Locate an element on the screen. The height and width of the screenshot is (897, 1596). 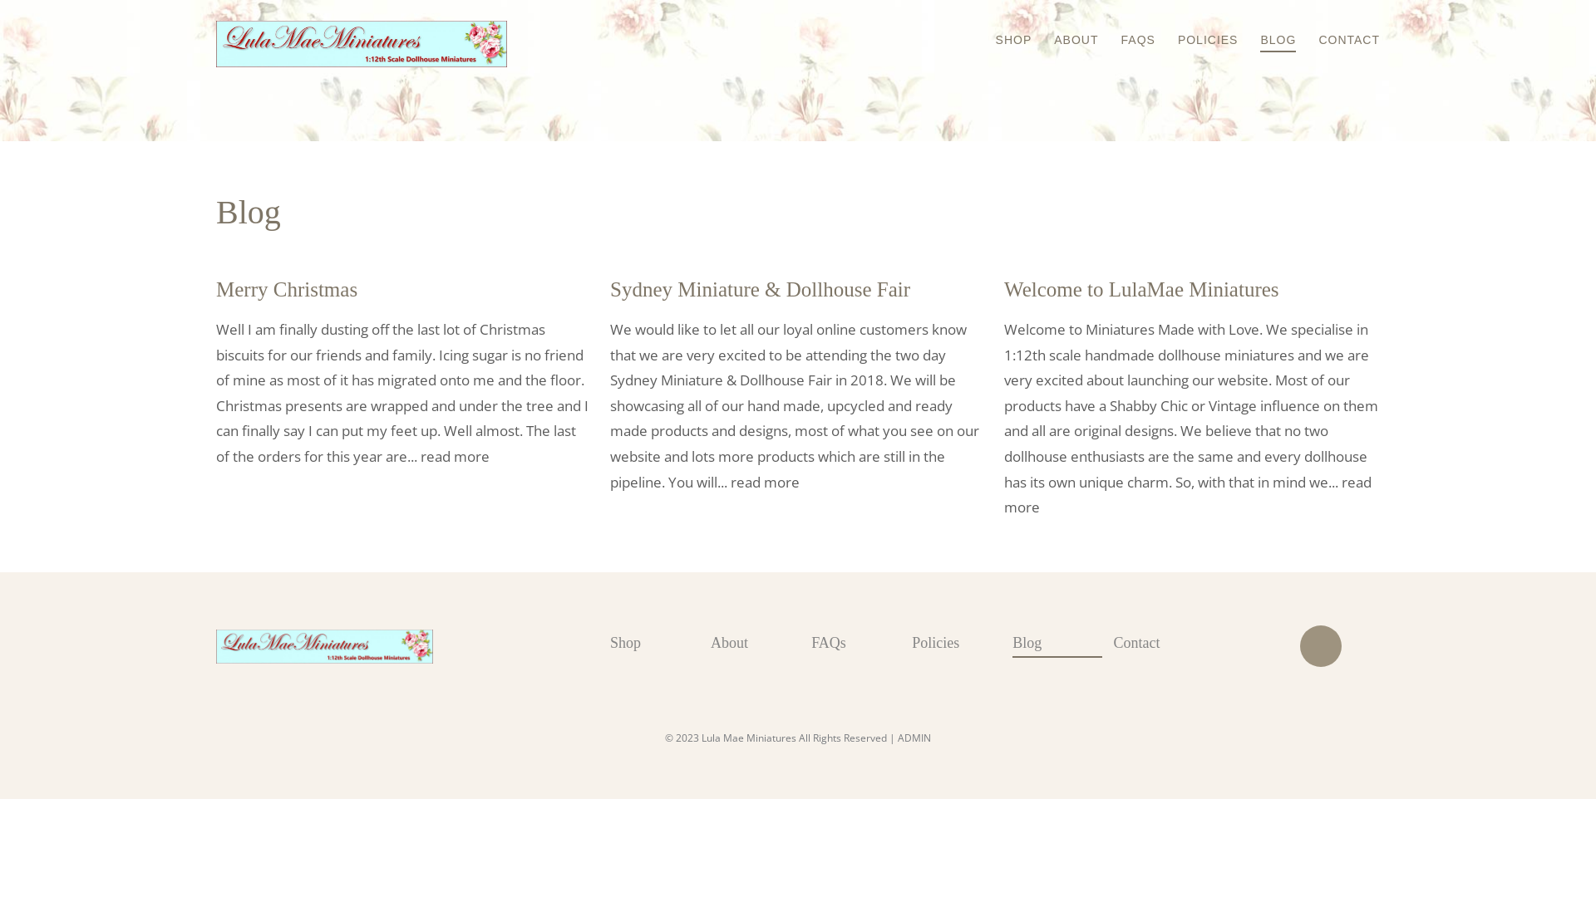
'Contact' is located at coordinates (1162, 642).